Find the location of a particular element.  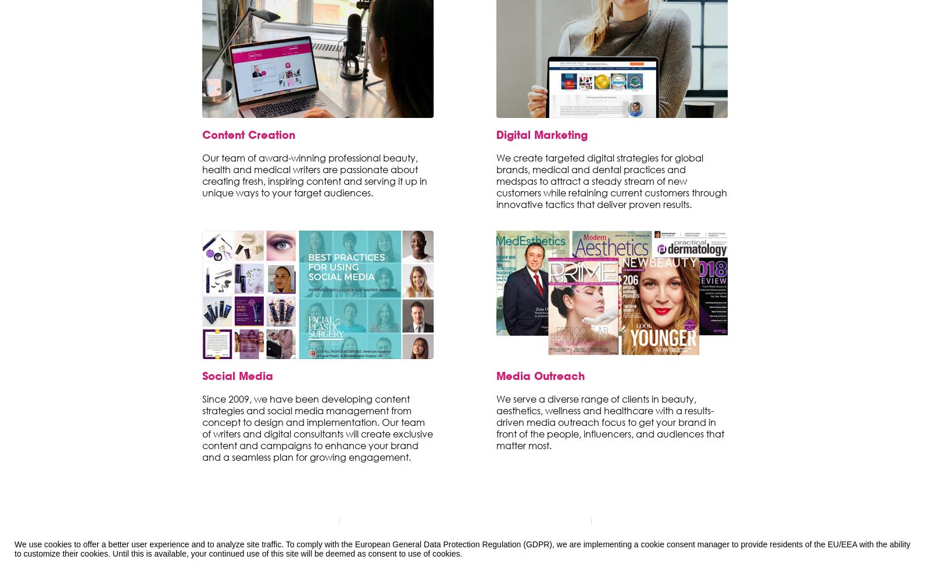

'Media Outreach' is located at coordinates (540, 375).